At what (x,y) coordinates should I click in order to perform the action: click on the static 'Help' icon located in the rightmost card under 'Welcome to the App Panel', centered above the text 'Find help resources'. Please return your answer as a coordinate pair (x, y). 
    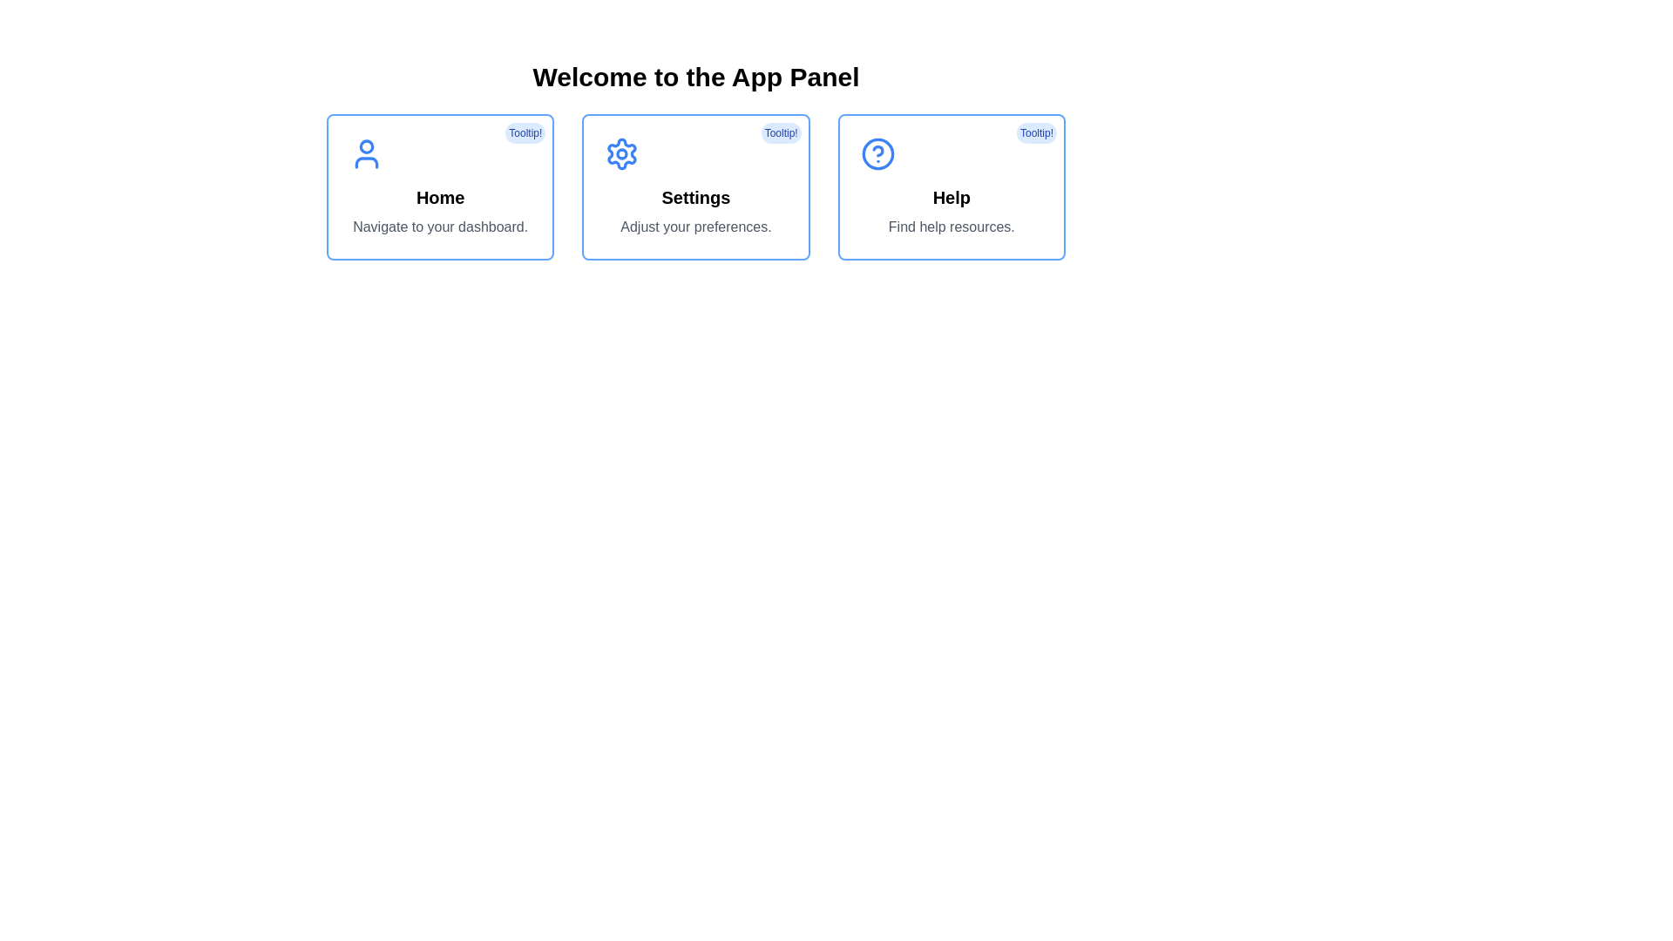
    Looking at the image, I should click on (877, 153).